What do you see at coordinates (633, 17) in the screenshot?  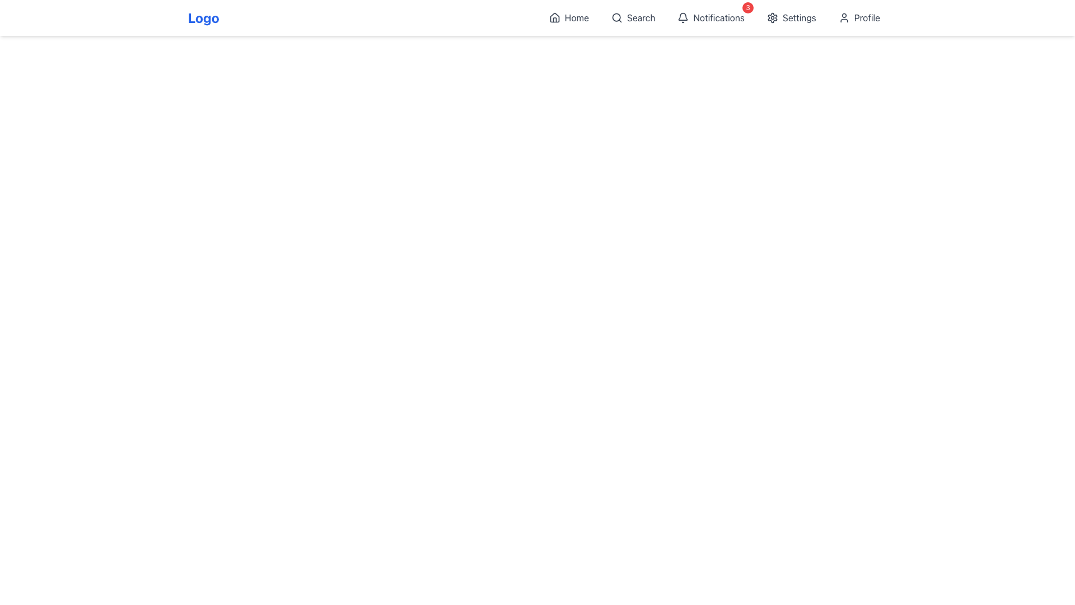 I see `the Interactive button located in the horizontal navigation bar at the top of the interface, between the 'Home' button and the 'Notifications' button, to change its color` at bounding box center [633, 17].